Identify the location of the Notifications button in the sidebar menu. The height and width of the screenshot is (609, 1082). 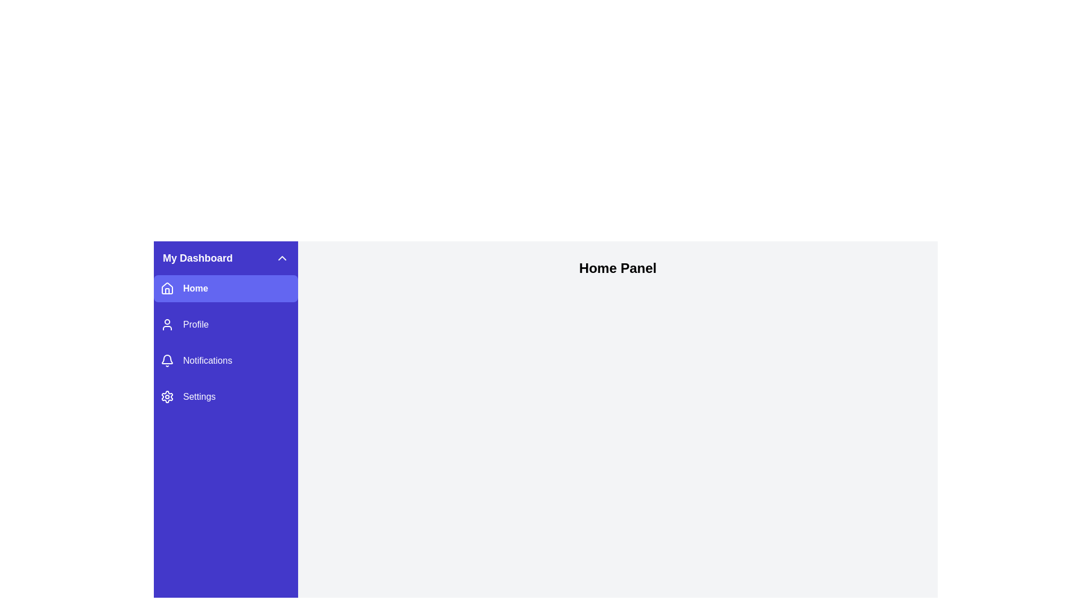
(225, 361).